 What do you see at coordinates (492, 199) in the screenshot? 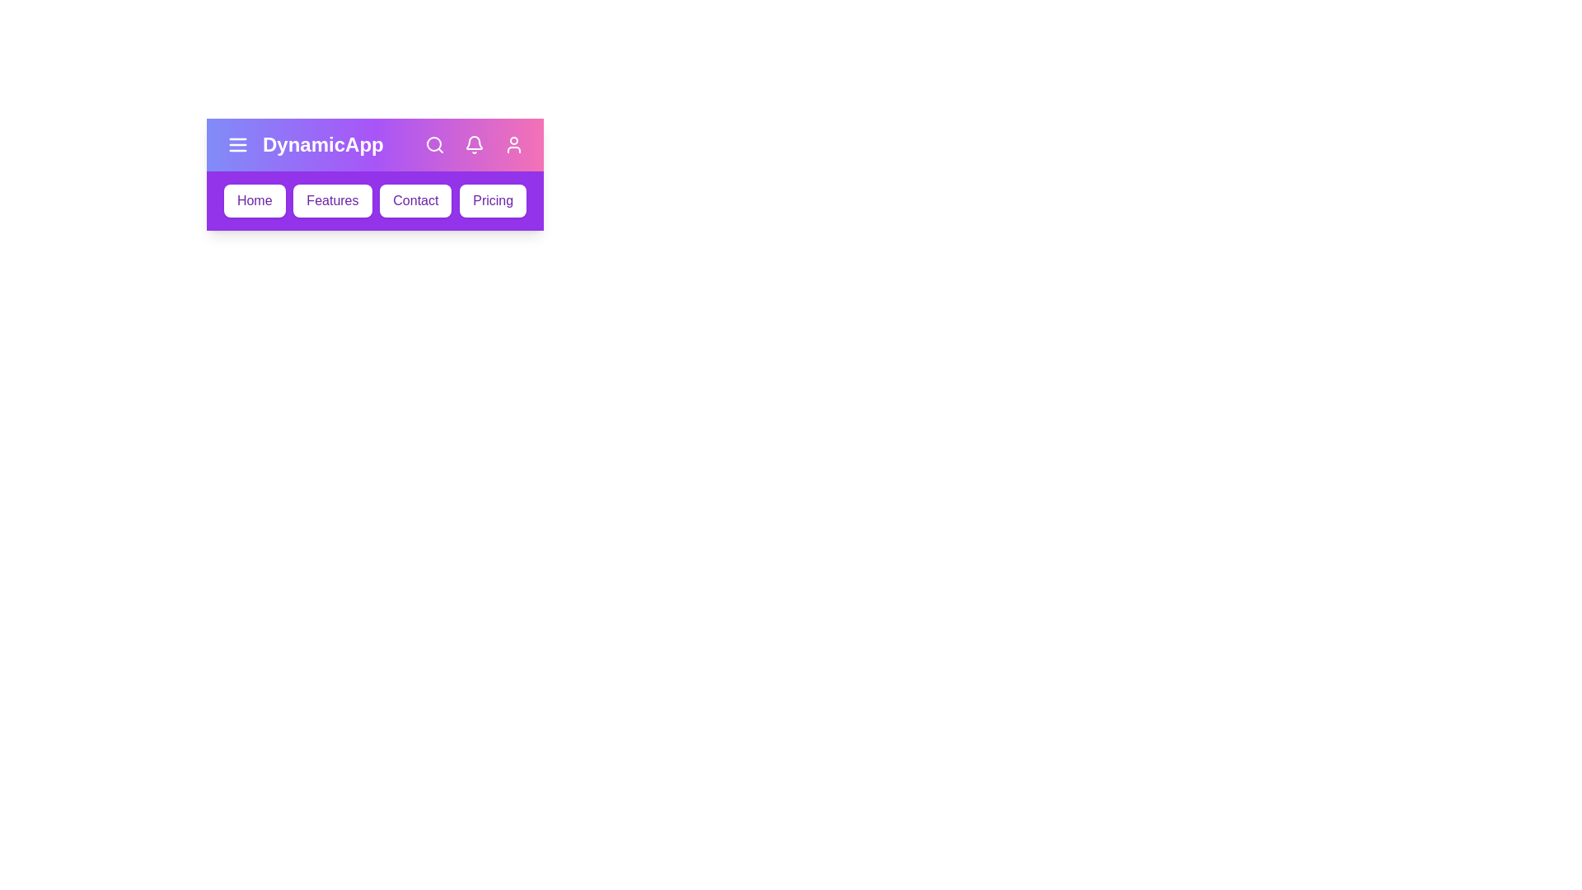
I see `the Pricing tab to navigate to the corresponding section` at bounding box center [492, 199].